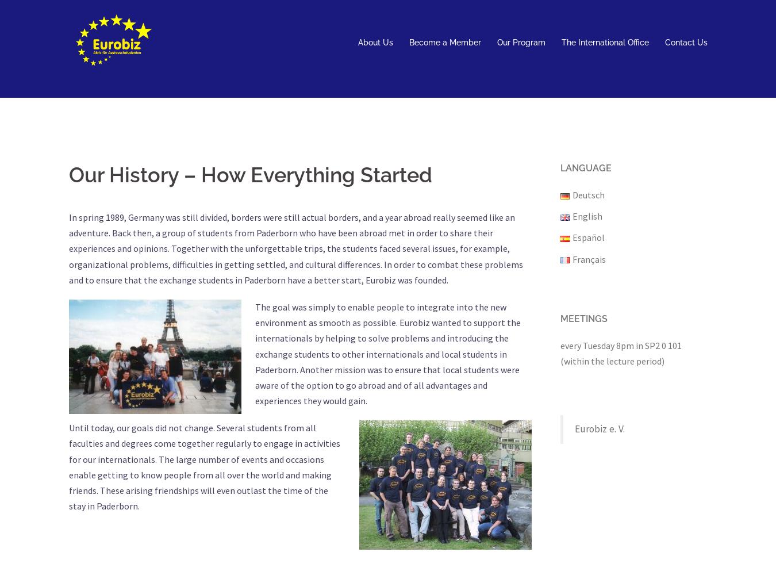 The width and height of the screenshot is (776, 575). What do you see at coordinates (295, 248) in the screenshot?
I see `'In spring 1989, Germany was still divided, borders were still actual borders, and a year abroad really seemed like an adventure. Back then, a group of students from Paderborn who have been abroad met in order to share their experiences and opinions. Together with the unforgettable trips, the students faced several issues, for example, organizational problems, difficulties in getting settled, and cultural differences. In order to combat these problems and to ensure that the exchange students in Paderborn have a better start, Eurobiz was founded.'` at bounding box center [295, 248].